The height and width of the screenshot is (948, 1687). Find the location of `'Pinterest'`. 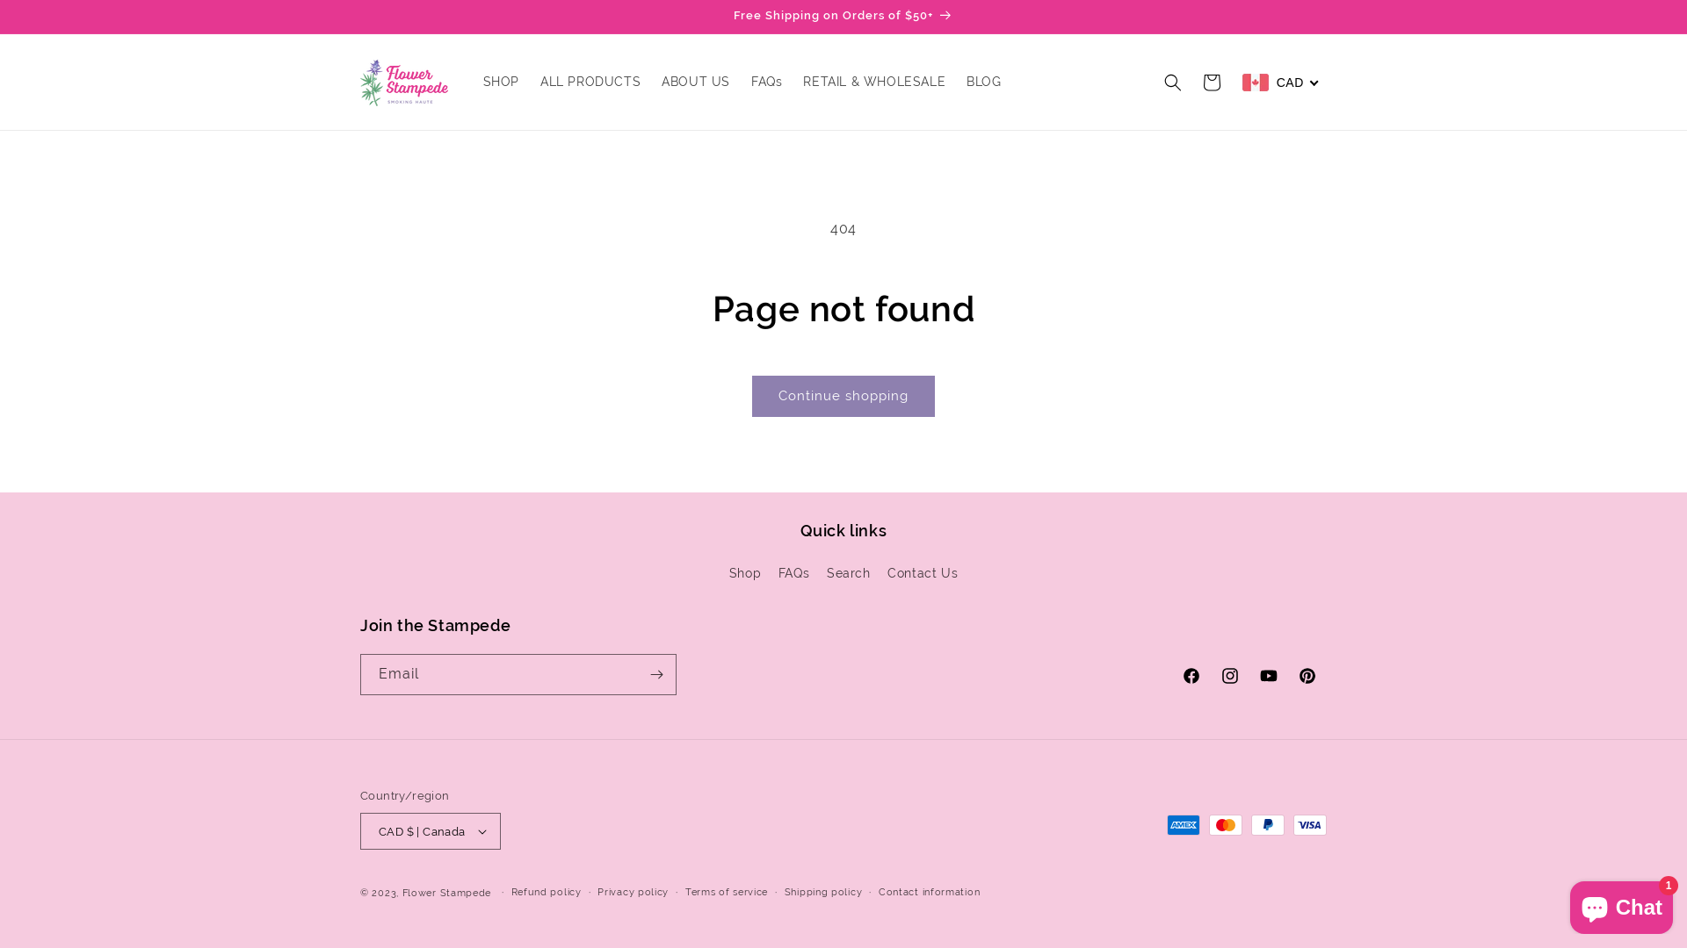

'Pinterest' is located at coordinates (1307, 675).